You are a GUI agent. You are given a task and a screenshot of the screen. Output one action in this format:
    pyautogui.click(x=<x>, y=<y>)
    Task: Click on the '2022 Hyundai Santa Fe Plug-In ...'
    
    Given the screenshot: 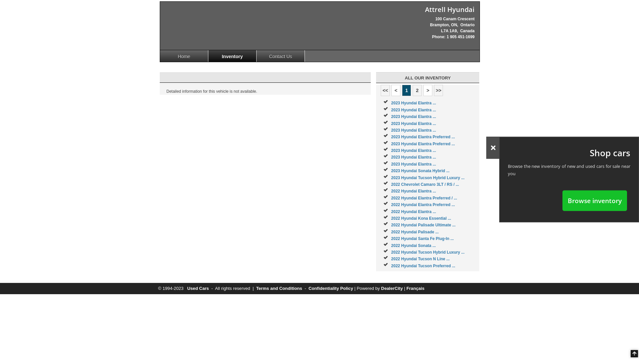 What is the action you would take?
    pyautogui.click(x=422, y=238)
    